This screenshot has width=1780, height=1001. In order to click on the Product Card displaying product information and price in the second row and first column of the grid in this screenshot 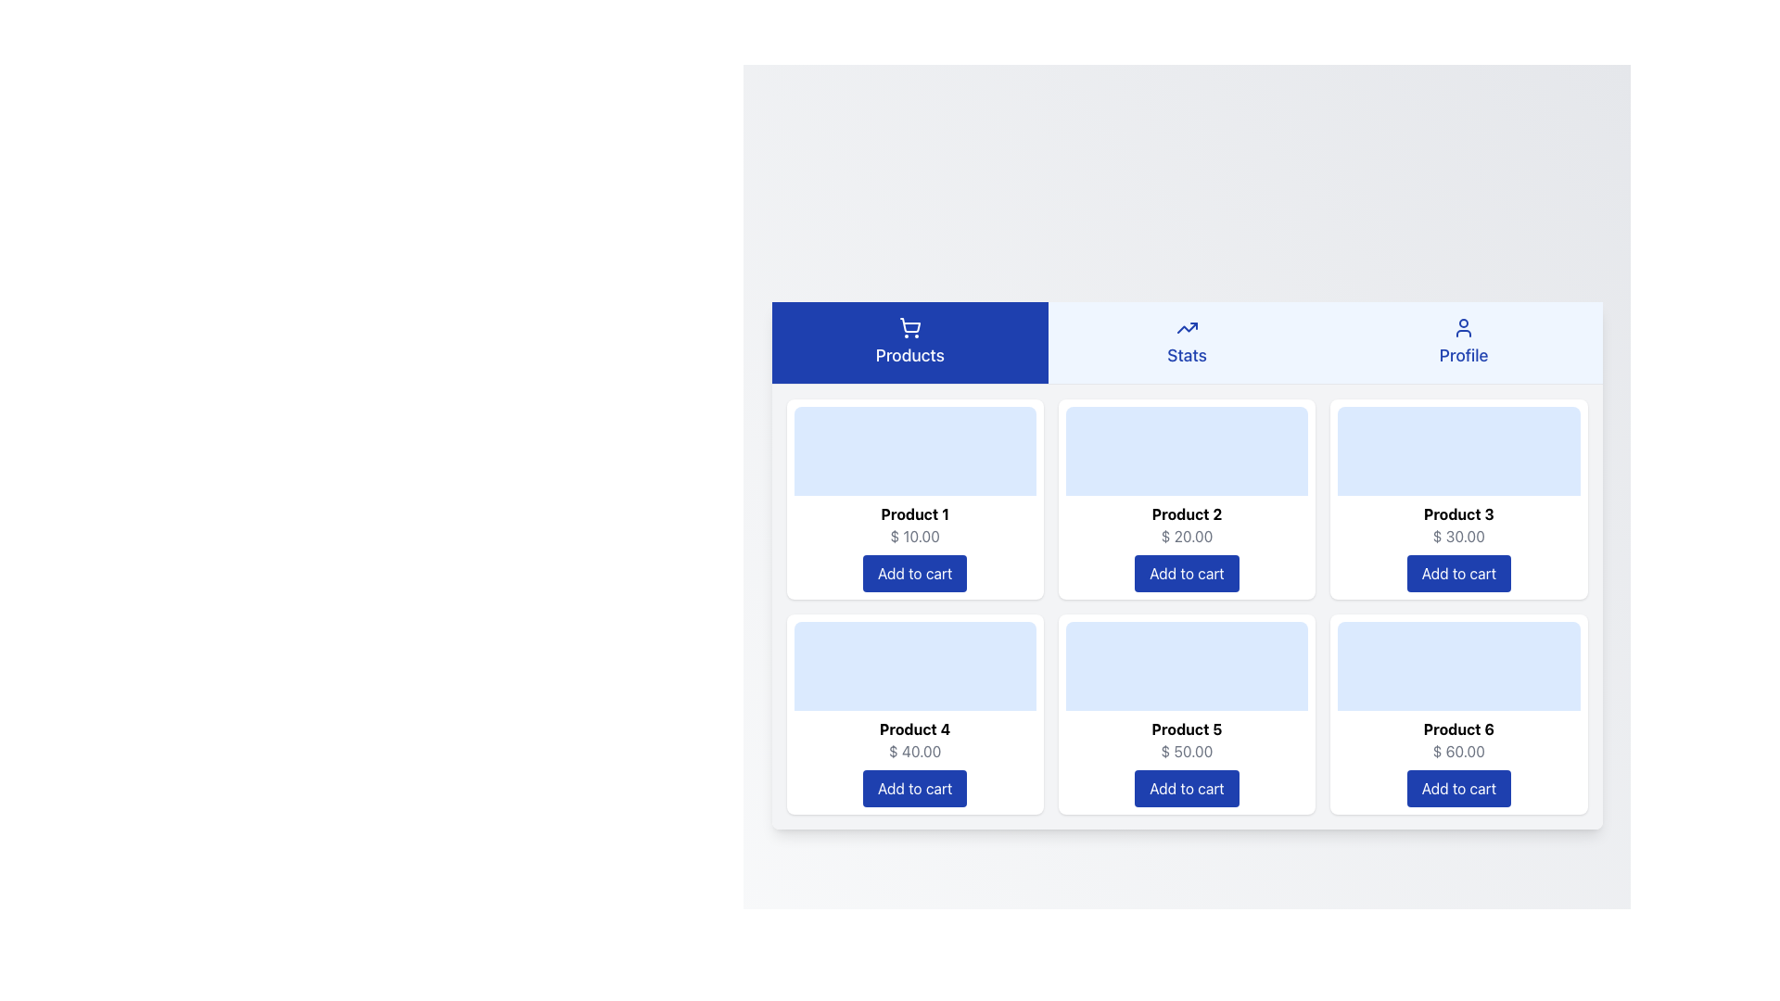, I will do `click(915, 713)`.